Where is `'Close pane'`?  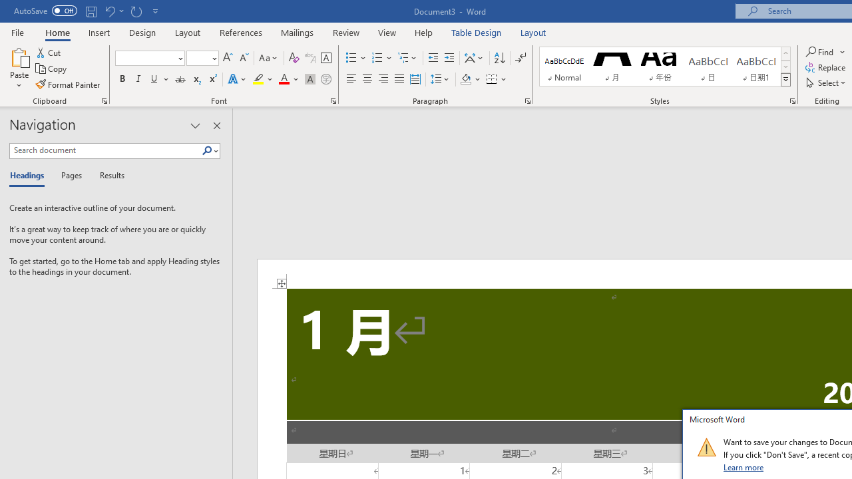
'Close pane' is located at coordinates (216, 126).